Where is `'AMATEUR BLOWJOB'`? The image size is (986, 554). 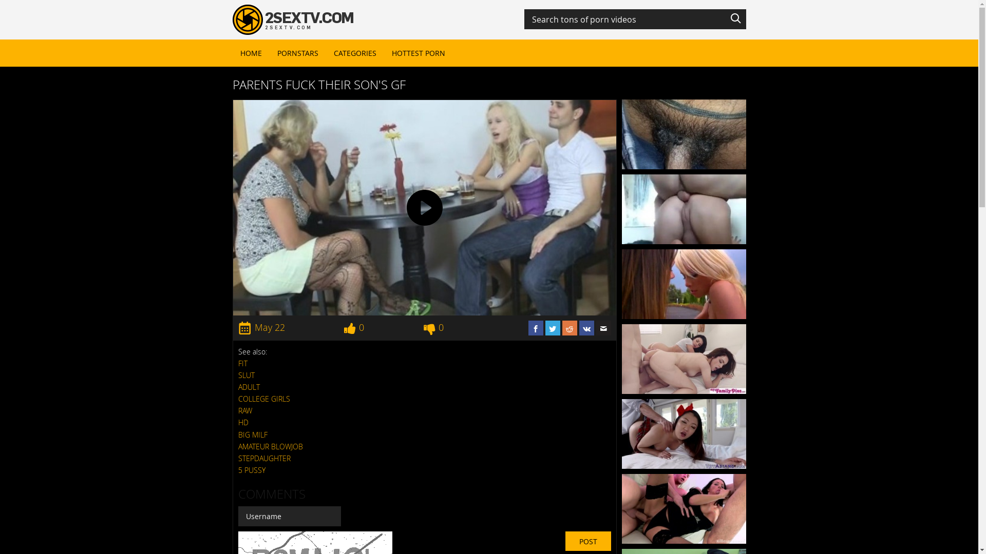 'AMATEUR BLOWJOB' is located at coordinates (271, 446).